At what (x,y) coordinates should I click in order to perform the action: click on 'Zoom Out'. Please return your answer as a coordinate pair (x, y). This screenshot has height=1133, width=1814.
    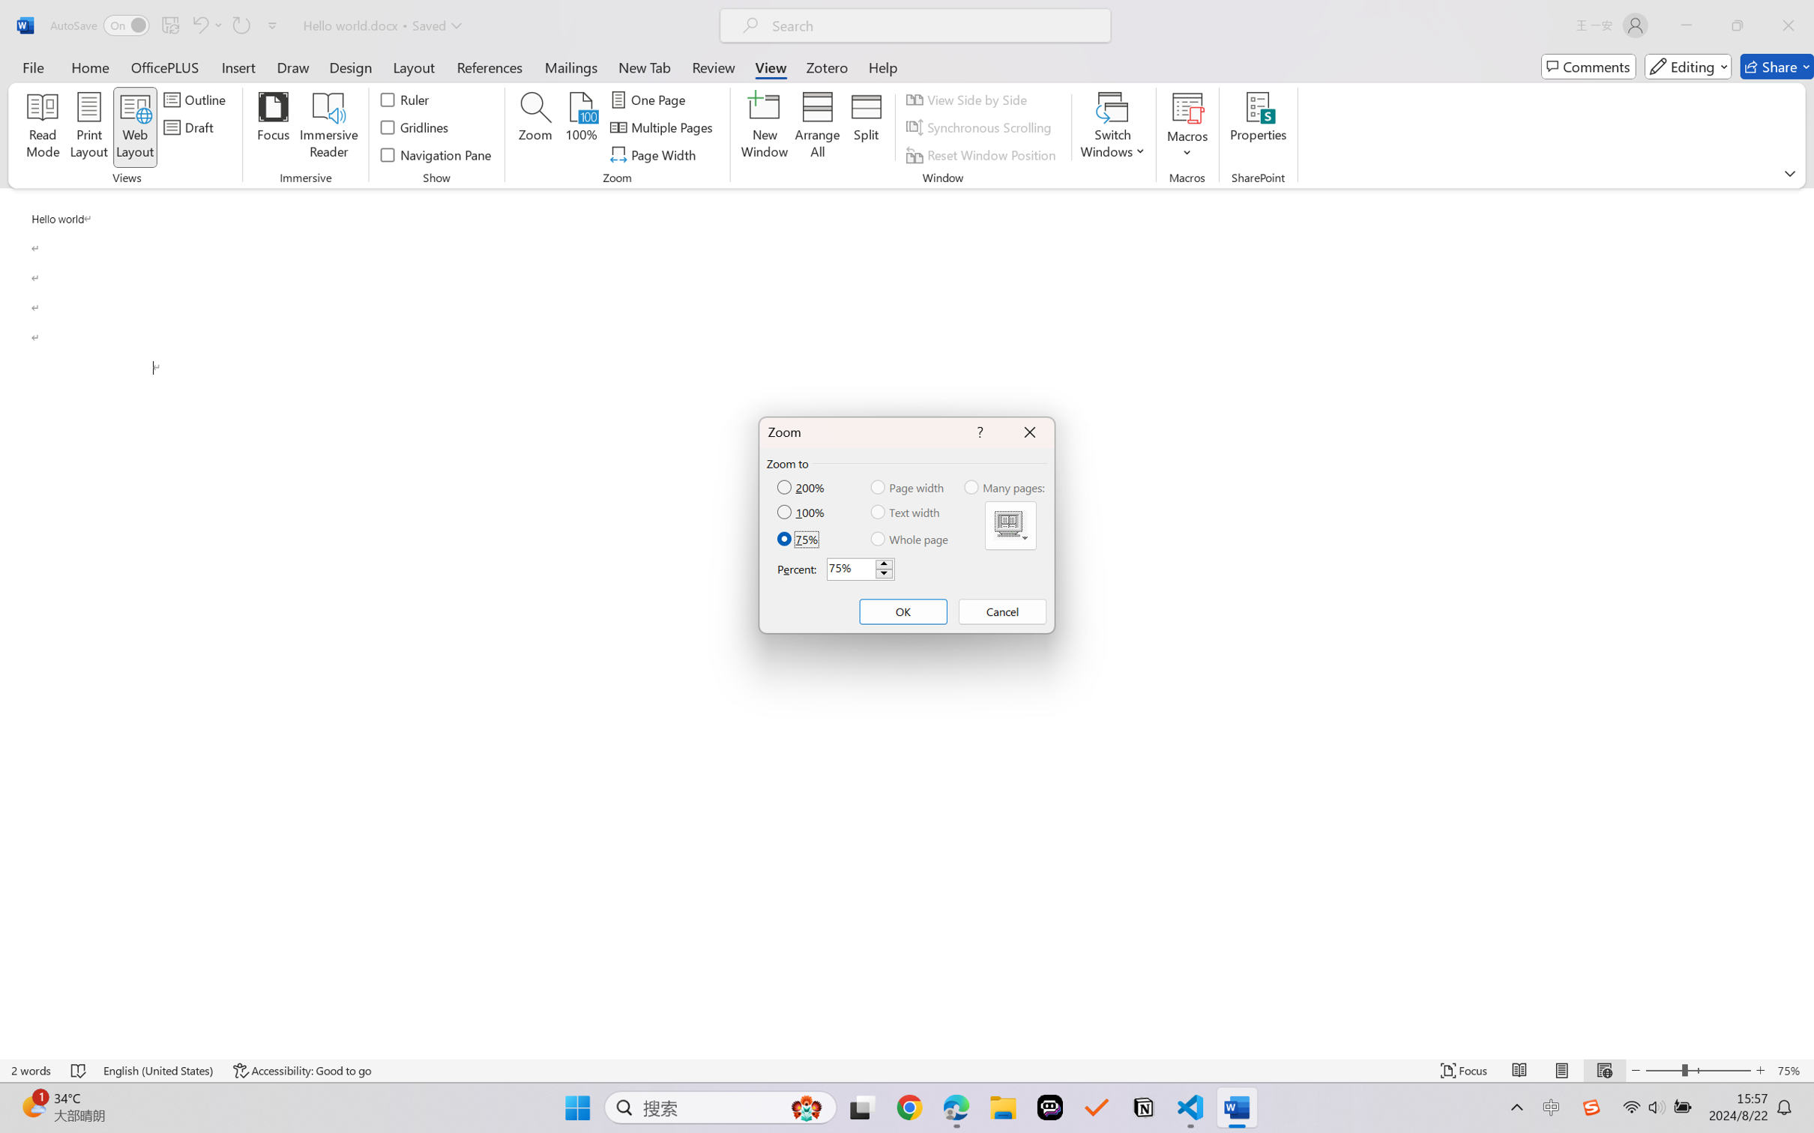
    Looking at the image, I should click on (1663, 1070).